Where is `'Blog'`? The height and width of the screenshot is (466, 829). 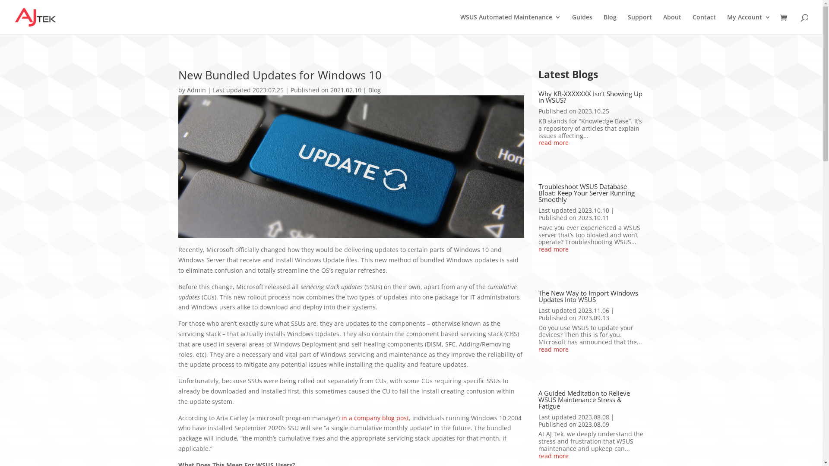 'Blog' is located at coordinates (609, 24).